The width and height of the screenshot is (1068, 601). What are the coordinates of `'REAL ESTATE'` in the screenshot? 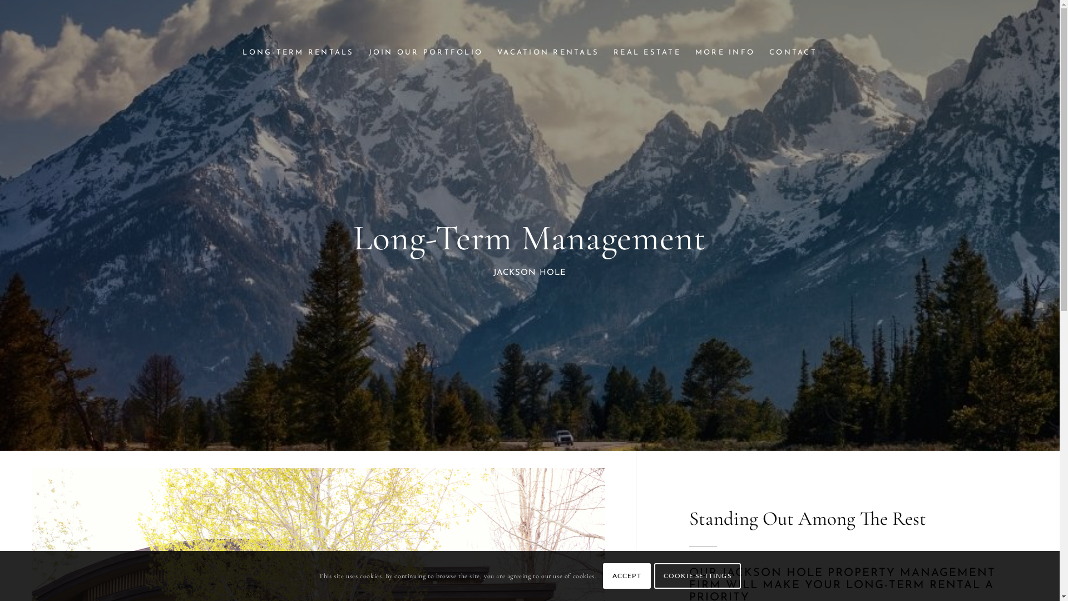 It's located at (647, 53).